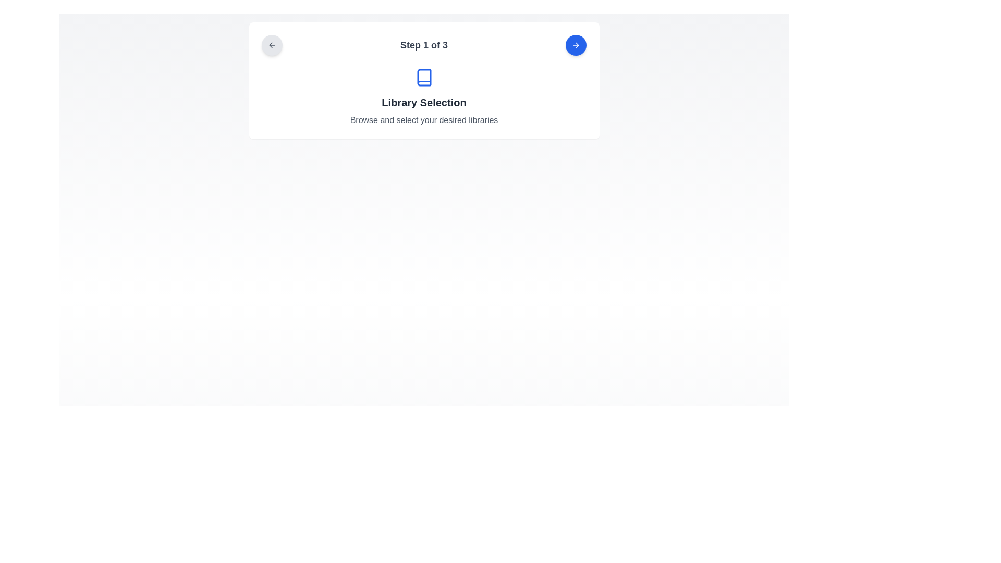 The width and height of the screenshot is (1001, 563). Describe the element at coordinates (576, 45) in the screenshot. I see `the forward navigation IconButton located in the top-right corner of the card titled 'Step 1 of 3' with the subtitle 'Library Selection' to proceed to the next step` at that location.